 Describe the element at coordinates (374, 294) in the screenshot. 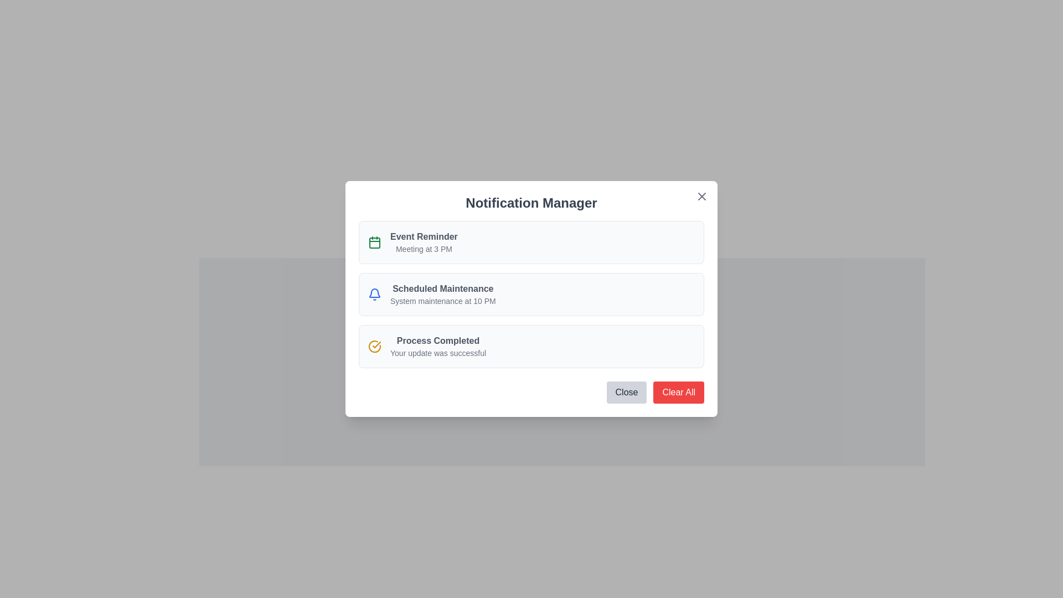

I see `the notification icon located to the left of the text 'Scheduled Maintenance' inside the 'Notification Manager' modal in the middle notification block` at that location.